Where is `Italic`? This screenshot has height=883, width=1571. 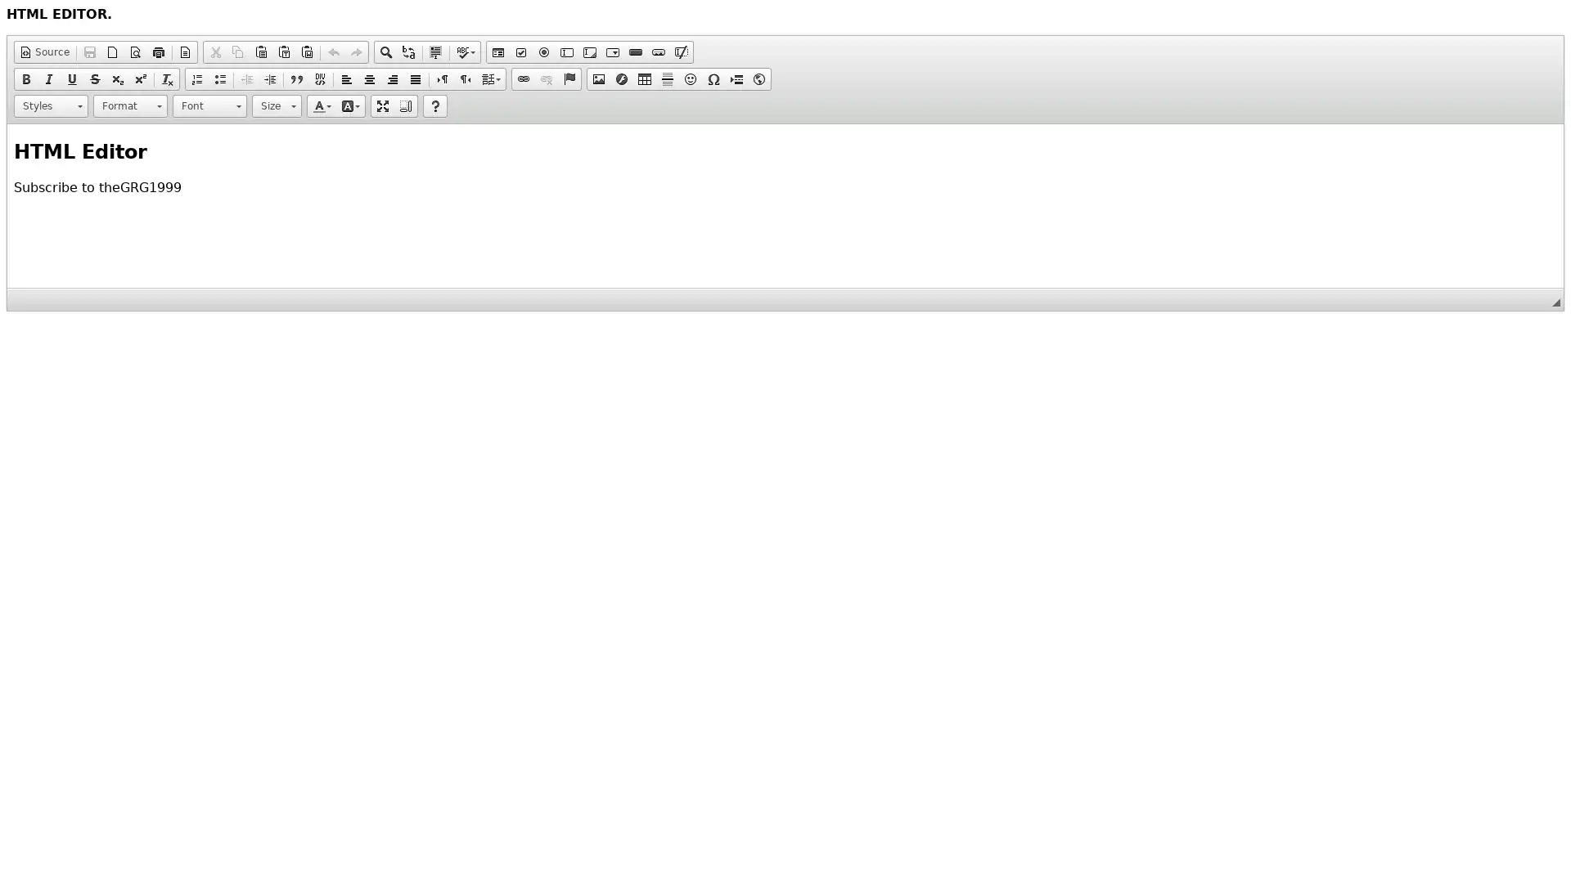
Italic is located at coordinates (48, 78).